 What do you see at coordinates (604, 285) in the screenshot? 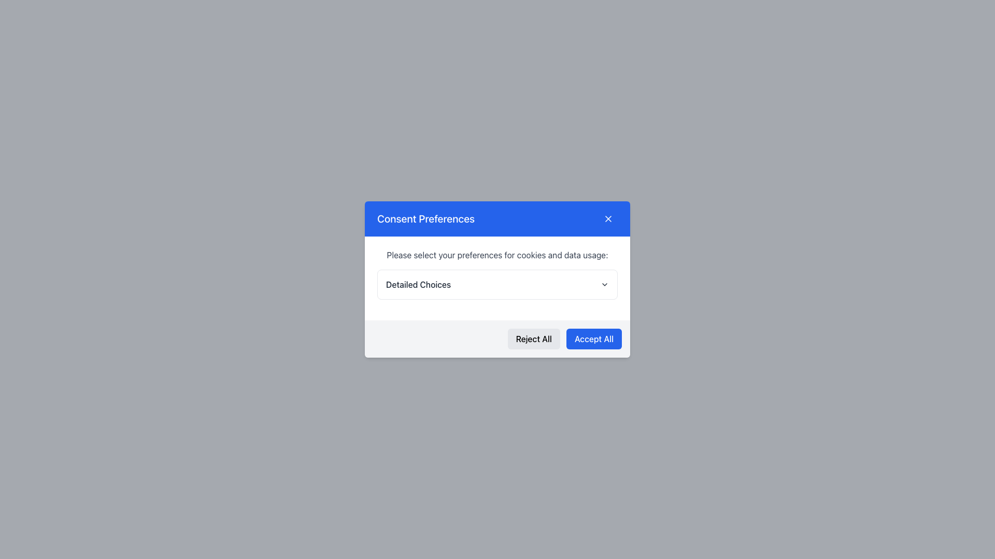
I see `the downward-pointing chevron icon located to the right of 'Detailed Choices' in the 'Consent Preferences' dialog box` at bounding box center [604, 285].